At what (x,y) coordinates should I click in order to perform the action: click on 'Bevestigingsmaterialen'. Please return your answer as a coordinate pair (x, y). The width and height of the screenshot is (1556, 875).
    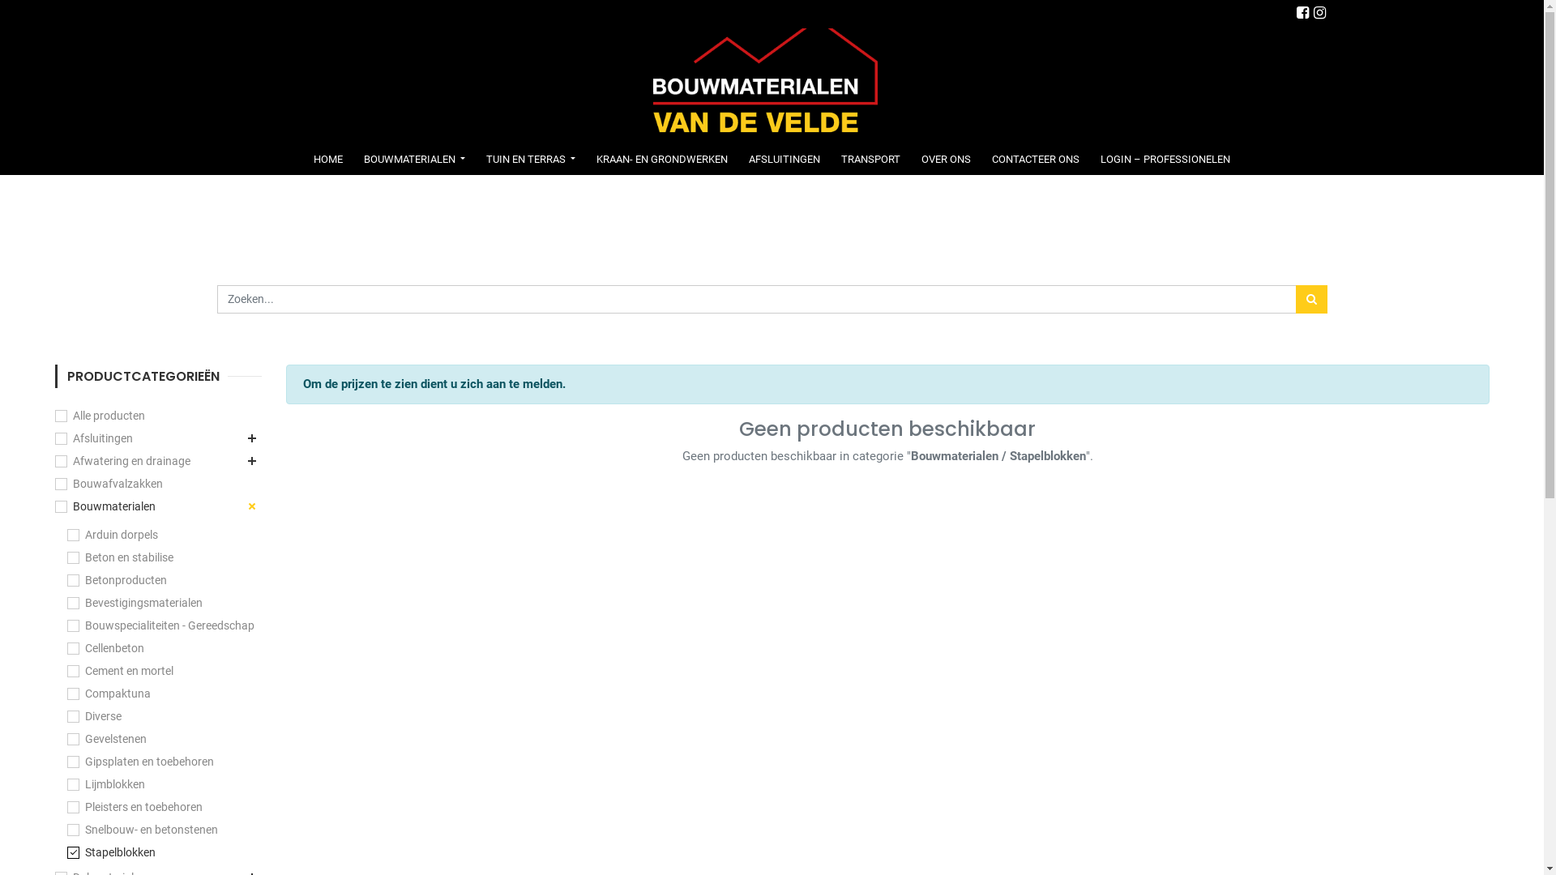
    Looking at the image, I should click on (65, 603).